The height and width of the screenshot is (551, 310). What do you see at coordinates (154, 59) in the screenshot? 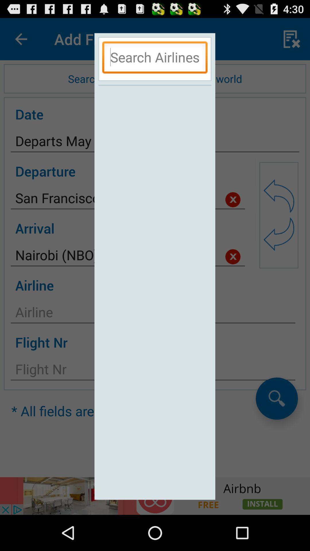
I see `search` at bounding box center [154, 59].